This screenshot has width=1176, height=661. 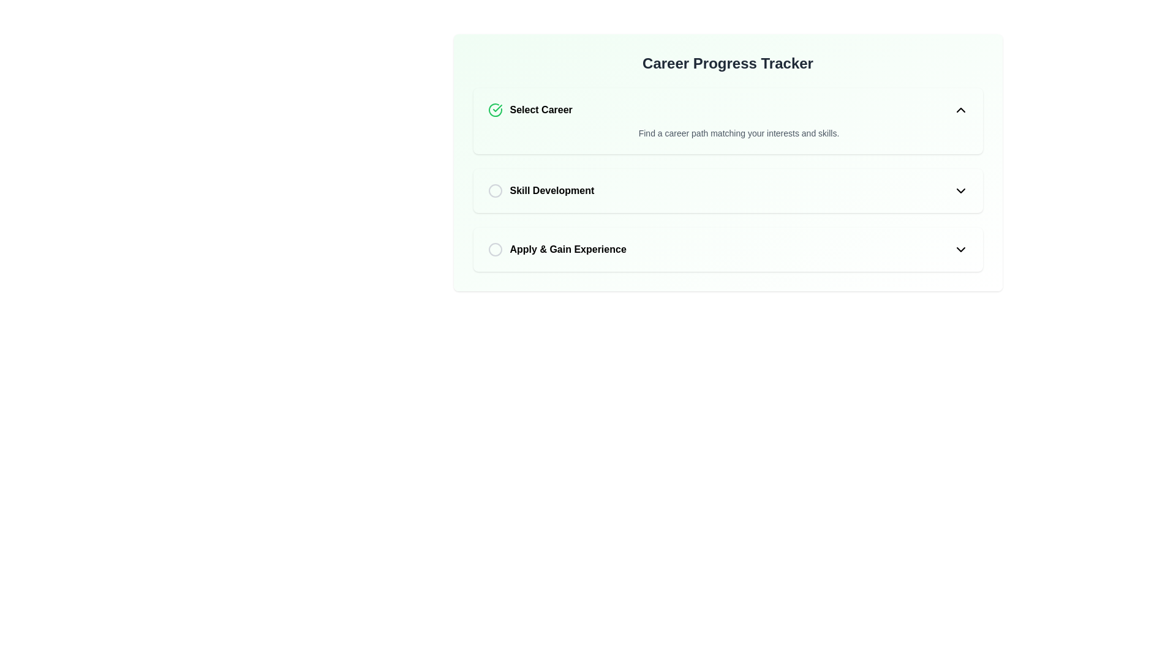 I want to click on the 'Skill Development' labeled option, which is the second item in a vertical list, featuring bold black text and a gray circular outline resembling a radio button, so click(x=540, y=191).